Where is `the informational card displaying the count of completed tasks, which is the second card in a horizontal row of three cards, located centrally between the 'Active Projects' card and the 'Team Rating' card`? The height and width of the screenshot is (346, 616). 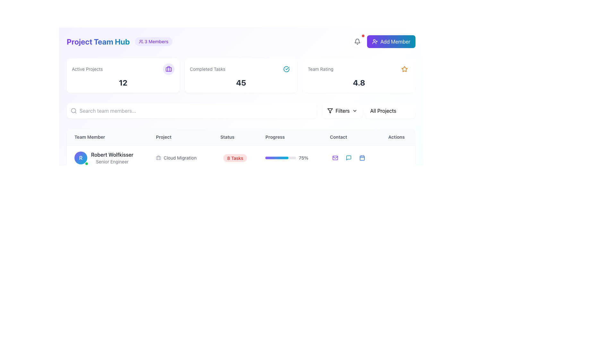 the informational card displaying the count of completed tasks, which is the second card in a horizontal row of three cards, located centrally between the 'Active Projects' card and the 'Team Rating' card is located at coordinates (241, 75).